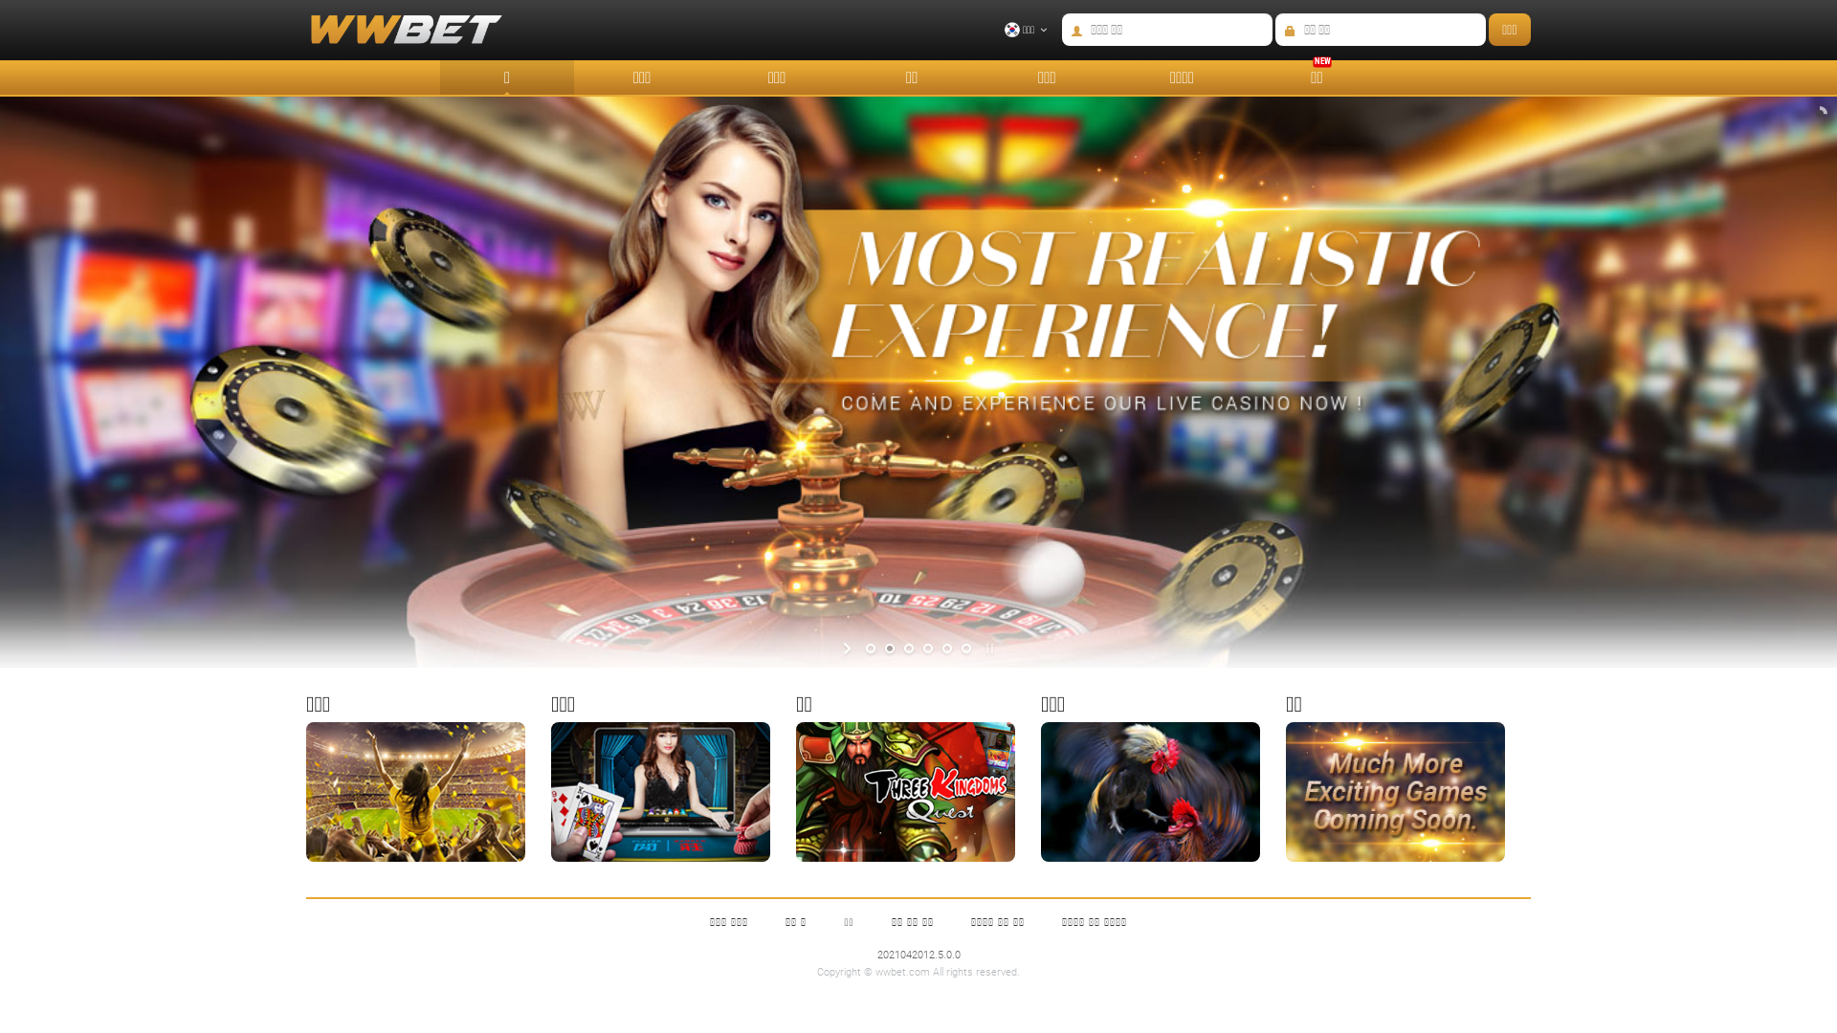  Describe the element at coordinates (391, 39) in the screenshot. I see `'WWBET | Win the game, win the future!'` at that location.